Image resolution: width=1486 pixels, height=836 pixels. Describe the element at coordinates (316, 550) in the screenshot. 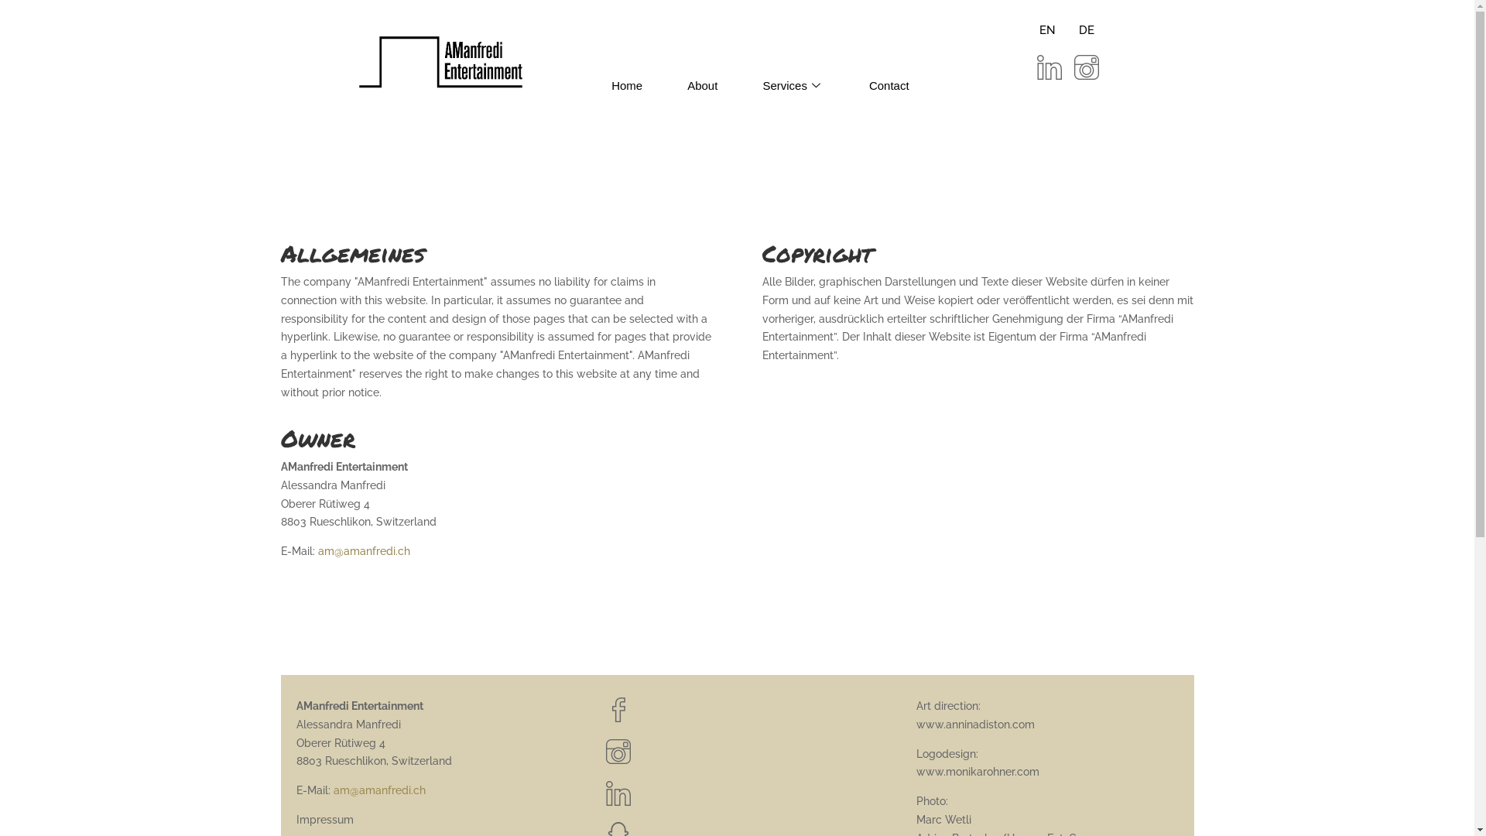

I see `'am@amanfredi.ch'` at that location.